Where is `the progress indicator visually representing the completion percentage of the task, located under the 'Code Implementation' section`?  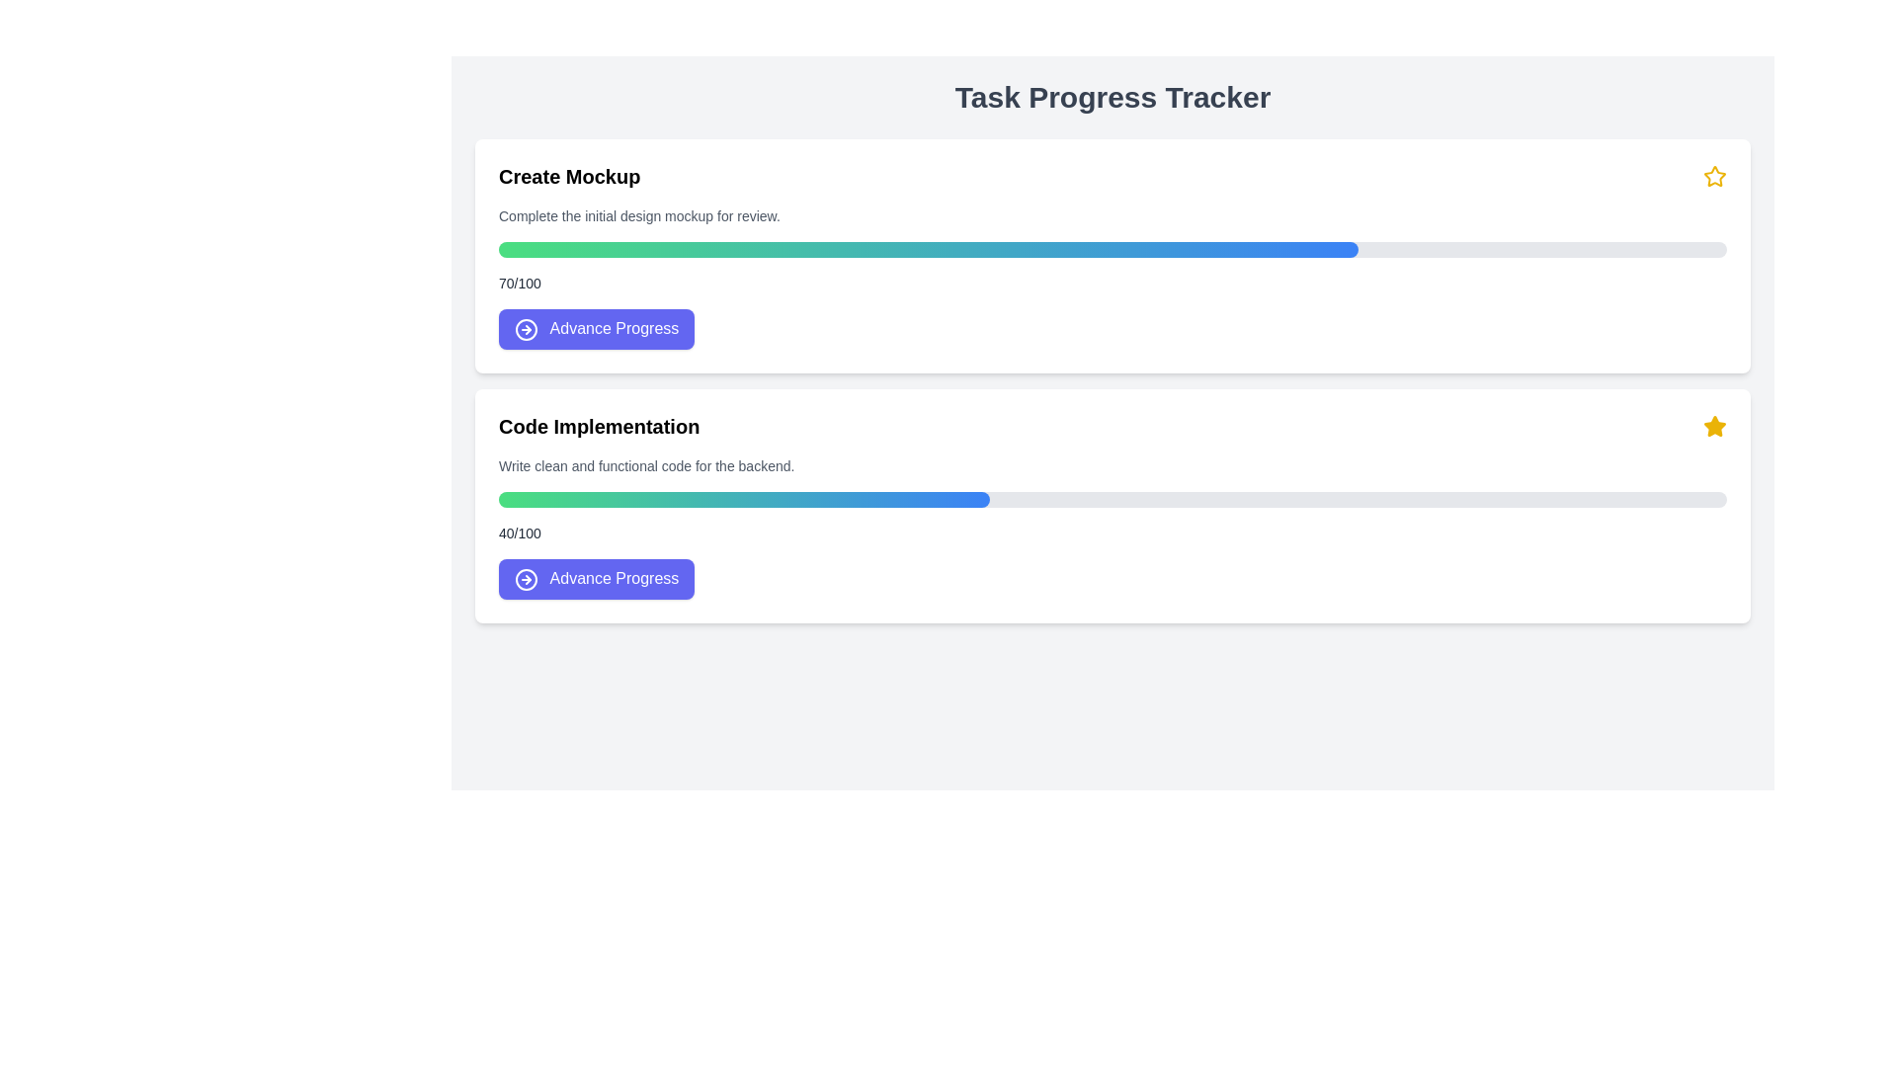 the progress indicator visually representing the completion percentage of the task, located under the 'Code Implementation' section is located at coordinates (743, 498).